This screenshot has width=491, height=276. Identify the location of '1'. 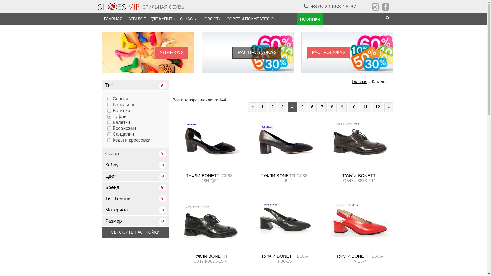
(262, 107).